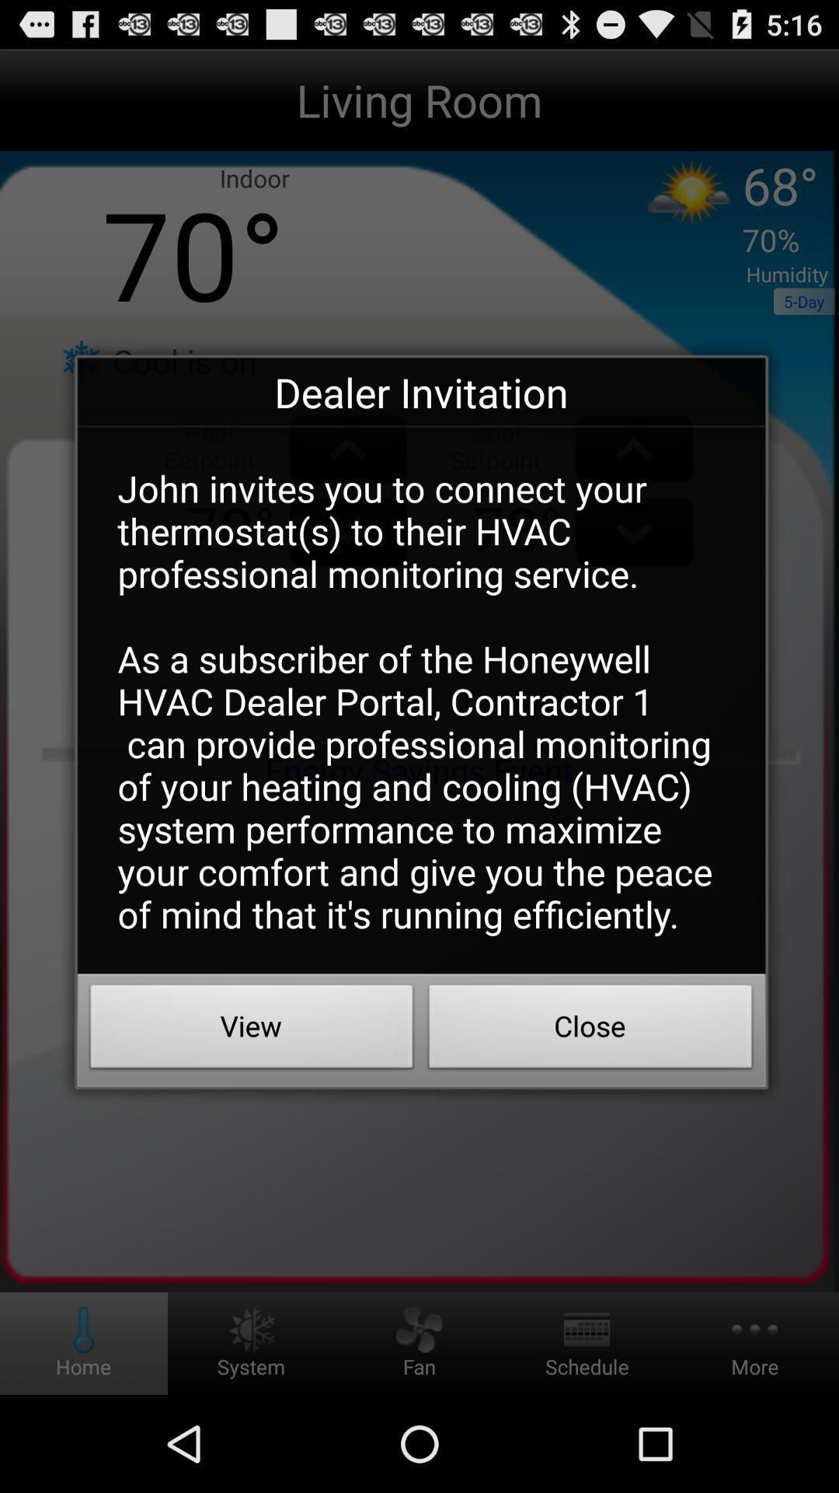  Describe the element at coordinates (590, 1030) in the screenshot. I see `the close button` at that location.